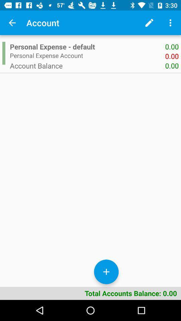 The image size is (181, 321). Describe the element at coordinates (12, 23) in the screenshot. I see `icon to the left of the account app` at that location.